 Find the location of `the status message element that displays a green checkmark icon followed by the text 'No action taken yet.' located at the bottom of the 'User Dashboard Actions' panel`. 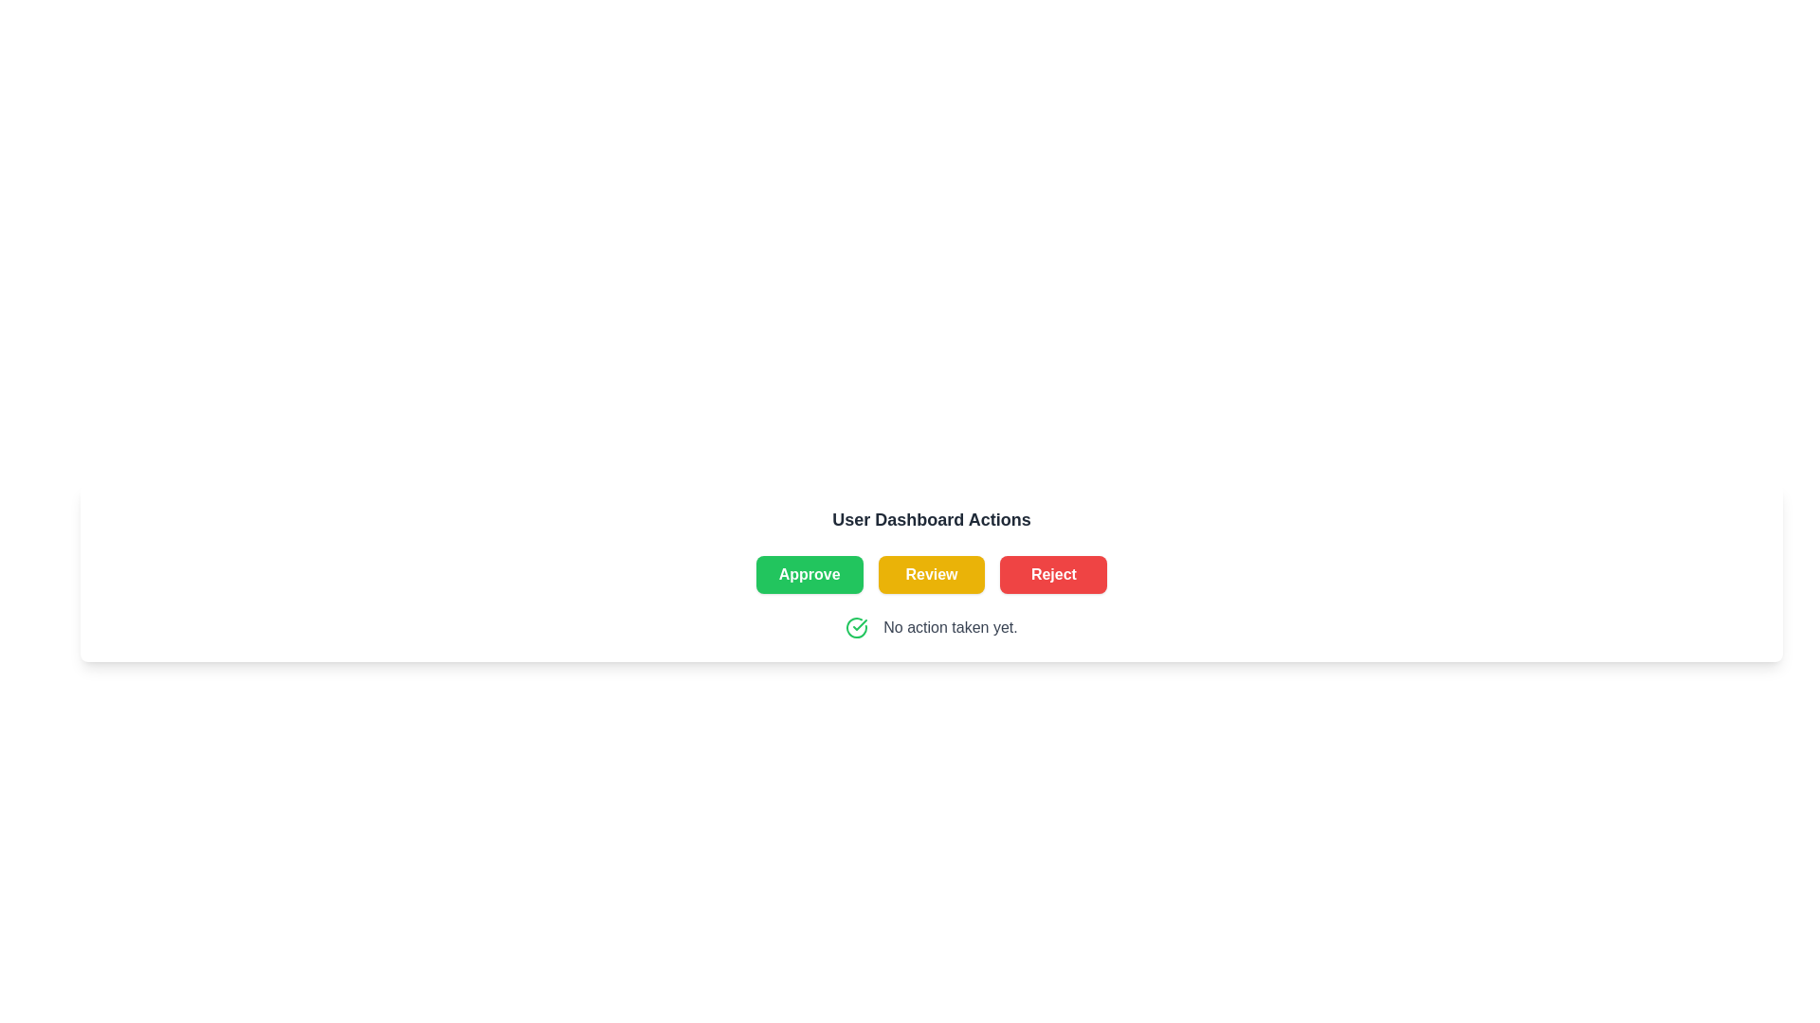

the status message element that displays a green checkmark icon followed by the text 'No action taken yet.' located at the bottom of the 'User Dashboard Actions' panel is located at coordinates (932, 628).